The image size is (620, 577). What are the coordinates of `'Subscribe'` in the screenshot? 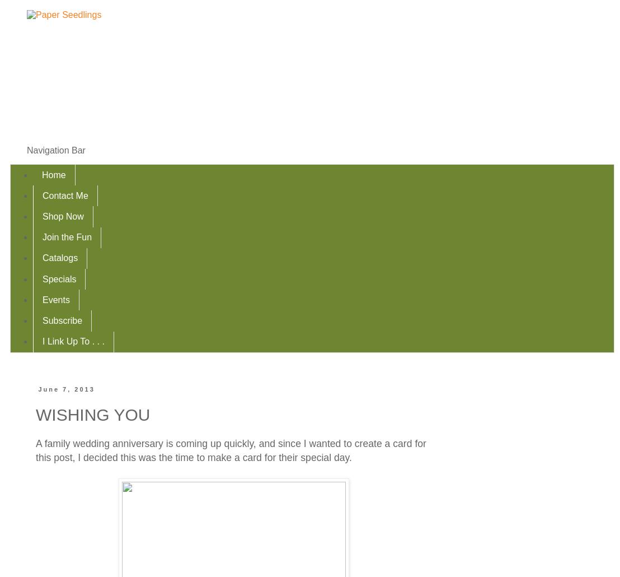 It's located at (62, 320).